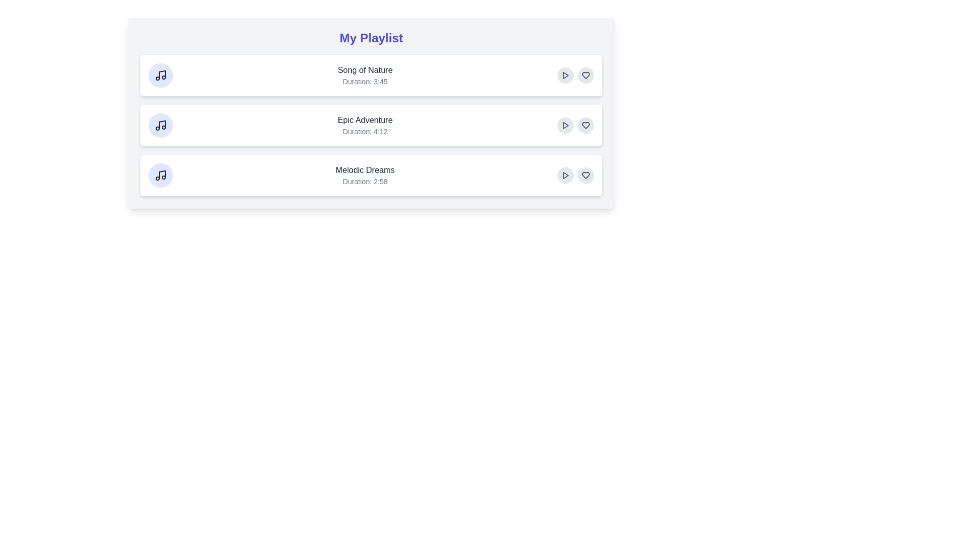  What do you see at coordinates (371, 174) in the screenshot?
I see `the track Melodic Dreams from the playlist` at bounding box center [371, 174].